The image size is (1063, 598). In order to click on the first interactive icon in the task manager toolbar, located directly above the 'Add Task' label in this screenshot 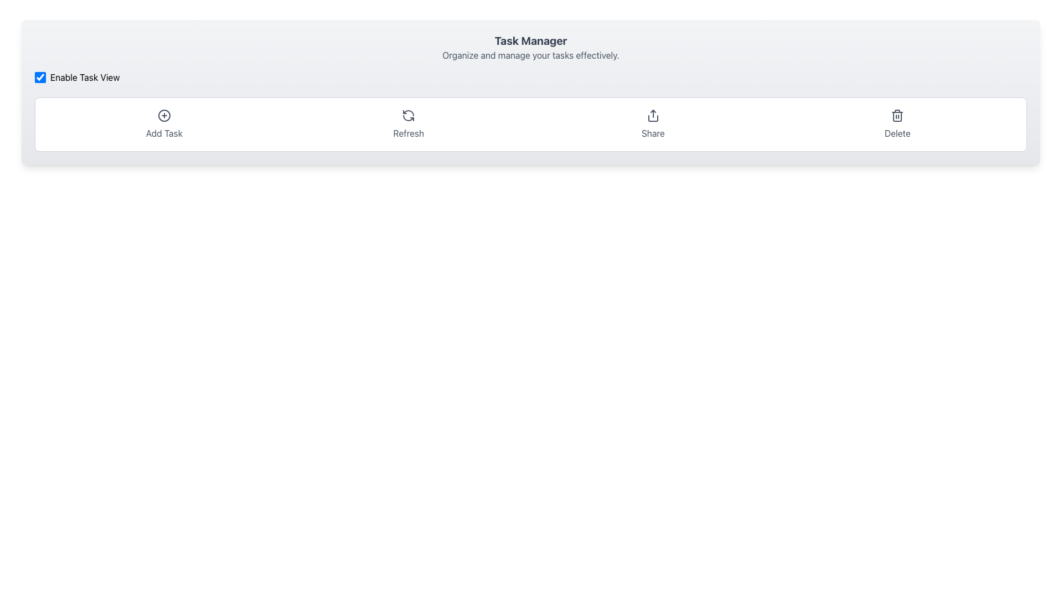, I will do `click(163, 115)`.